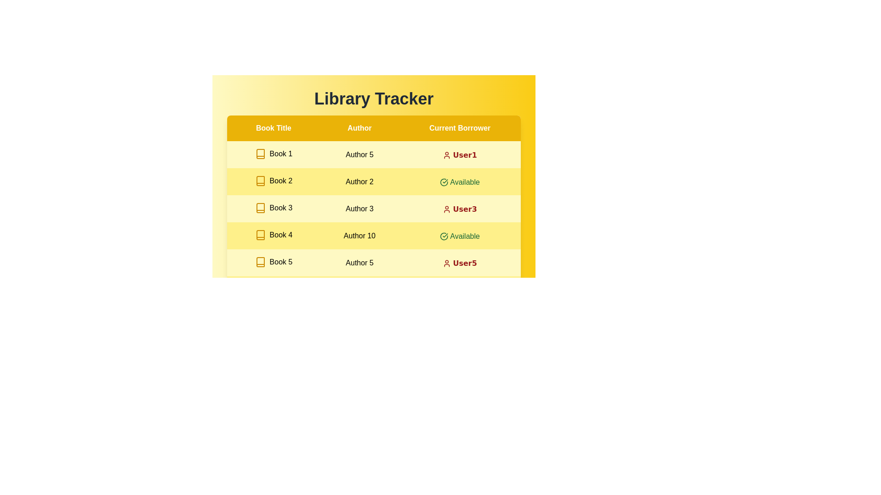  What do you see at coordinates (260, 235) in the screenshot?
I see `the icon for book of Book 4 to access additional information` at bounding box center [260, 235].